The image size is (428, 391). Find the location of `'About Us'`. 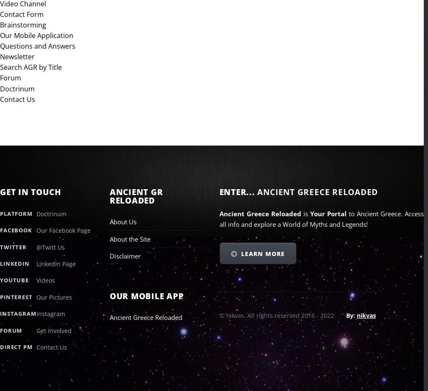

'About Us' is located at coordinates (122, 222).